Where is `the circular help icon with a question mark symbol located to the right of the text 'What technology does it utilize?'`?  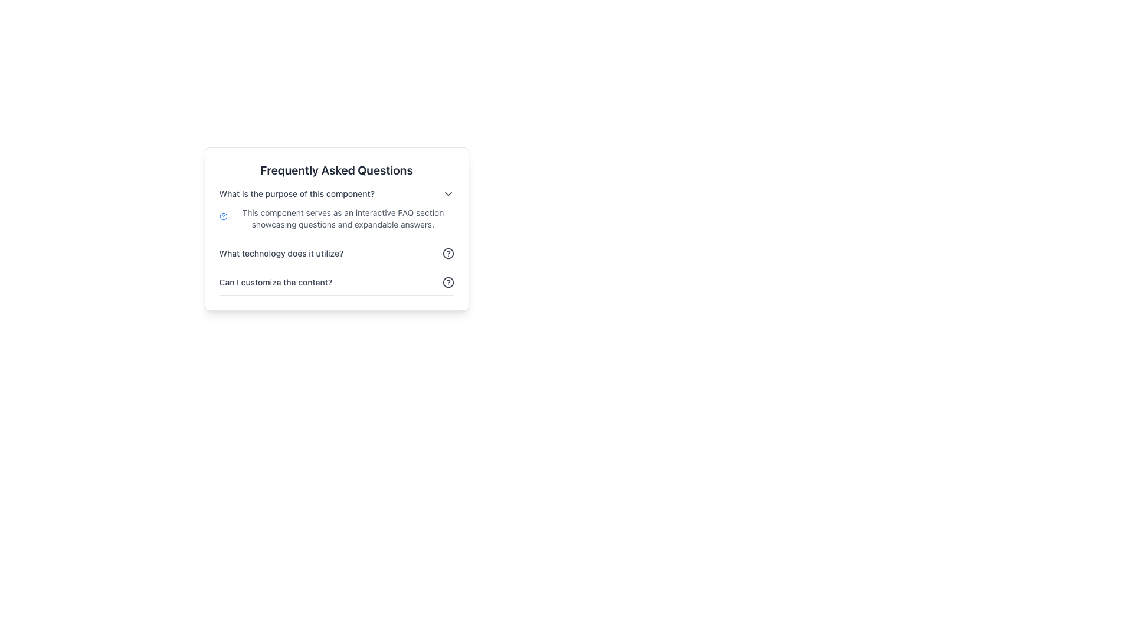 the circular help icon with a question mark symbol located to the right of the text 'What technology does it utilize?' is located at coordinates (447, 252).